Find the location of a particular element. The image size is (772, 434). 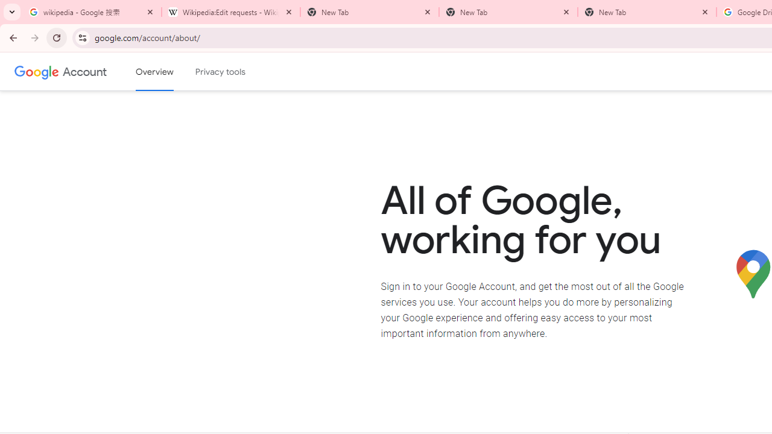

'Google Account overview' is located at coordinates (154, 72).